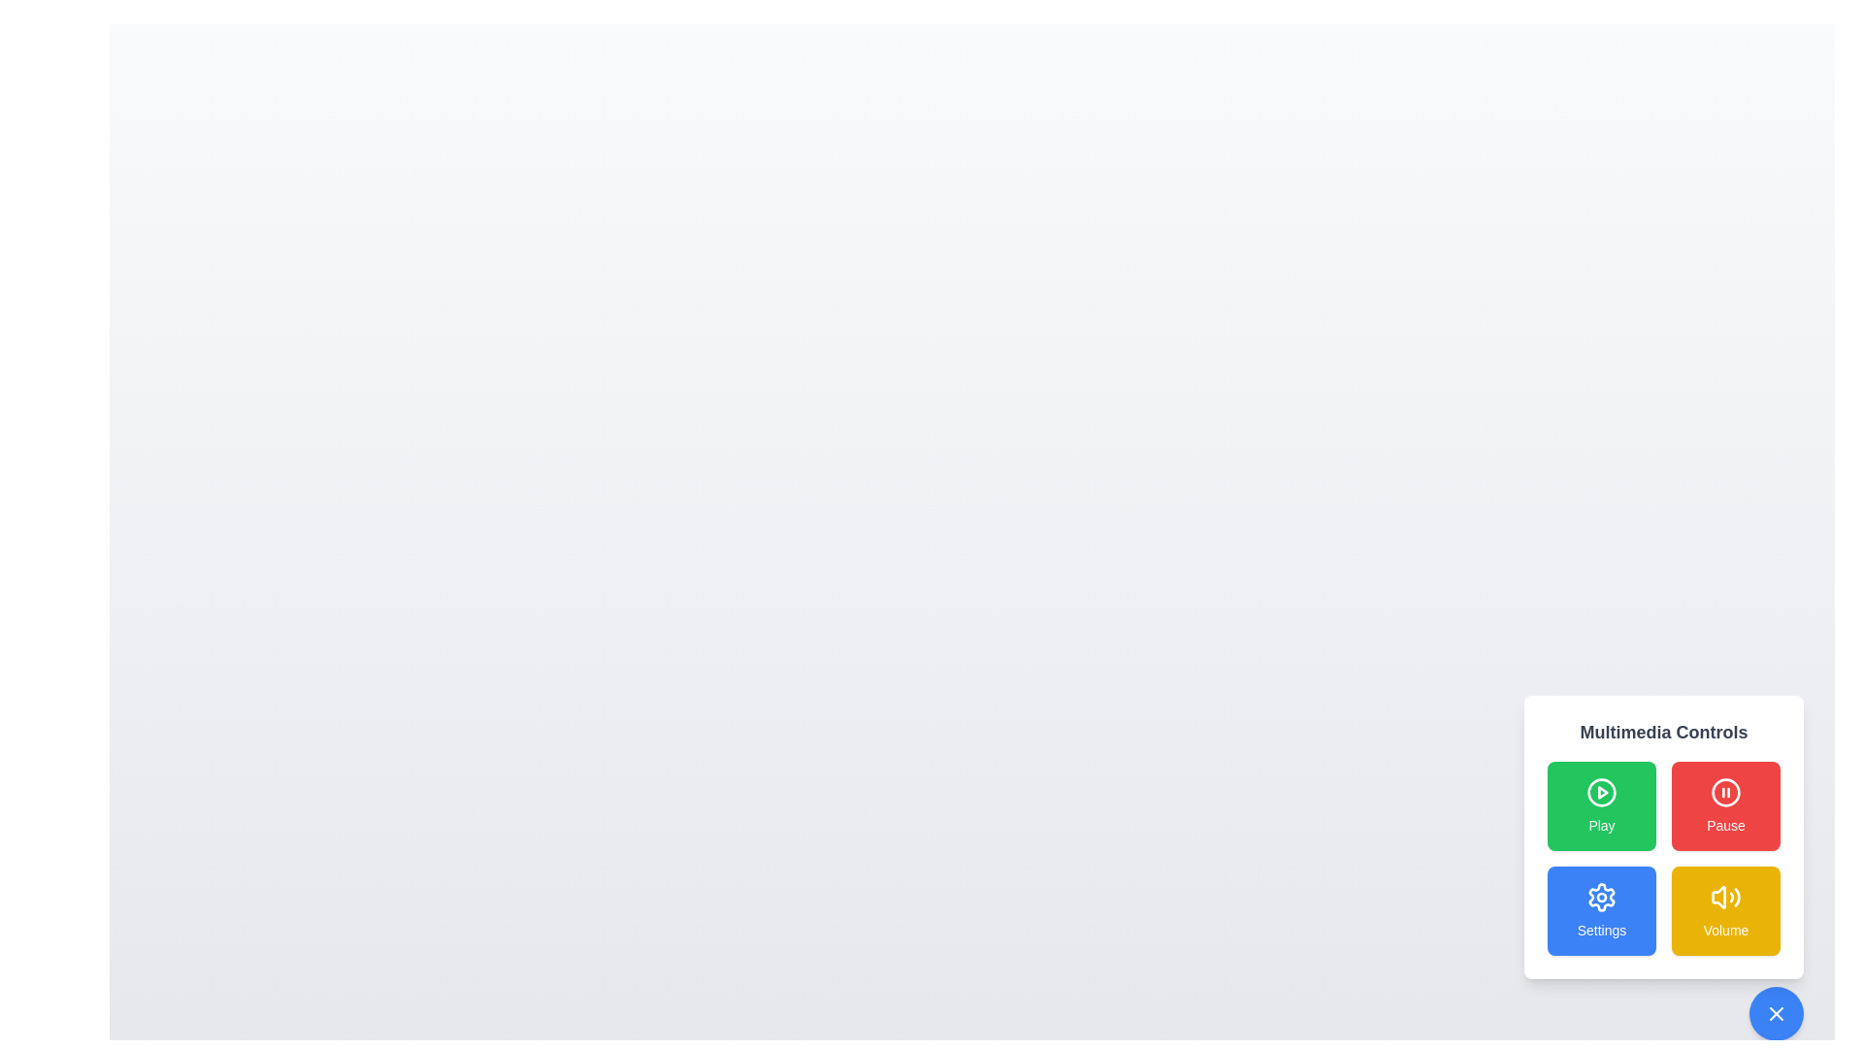  Describe the element at coordinates (1602, 898) in the screenshot. I see `the settings icon located within the blue 'Settings' button in the bottom-left corner of the multimedia controls` at that location.